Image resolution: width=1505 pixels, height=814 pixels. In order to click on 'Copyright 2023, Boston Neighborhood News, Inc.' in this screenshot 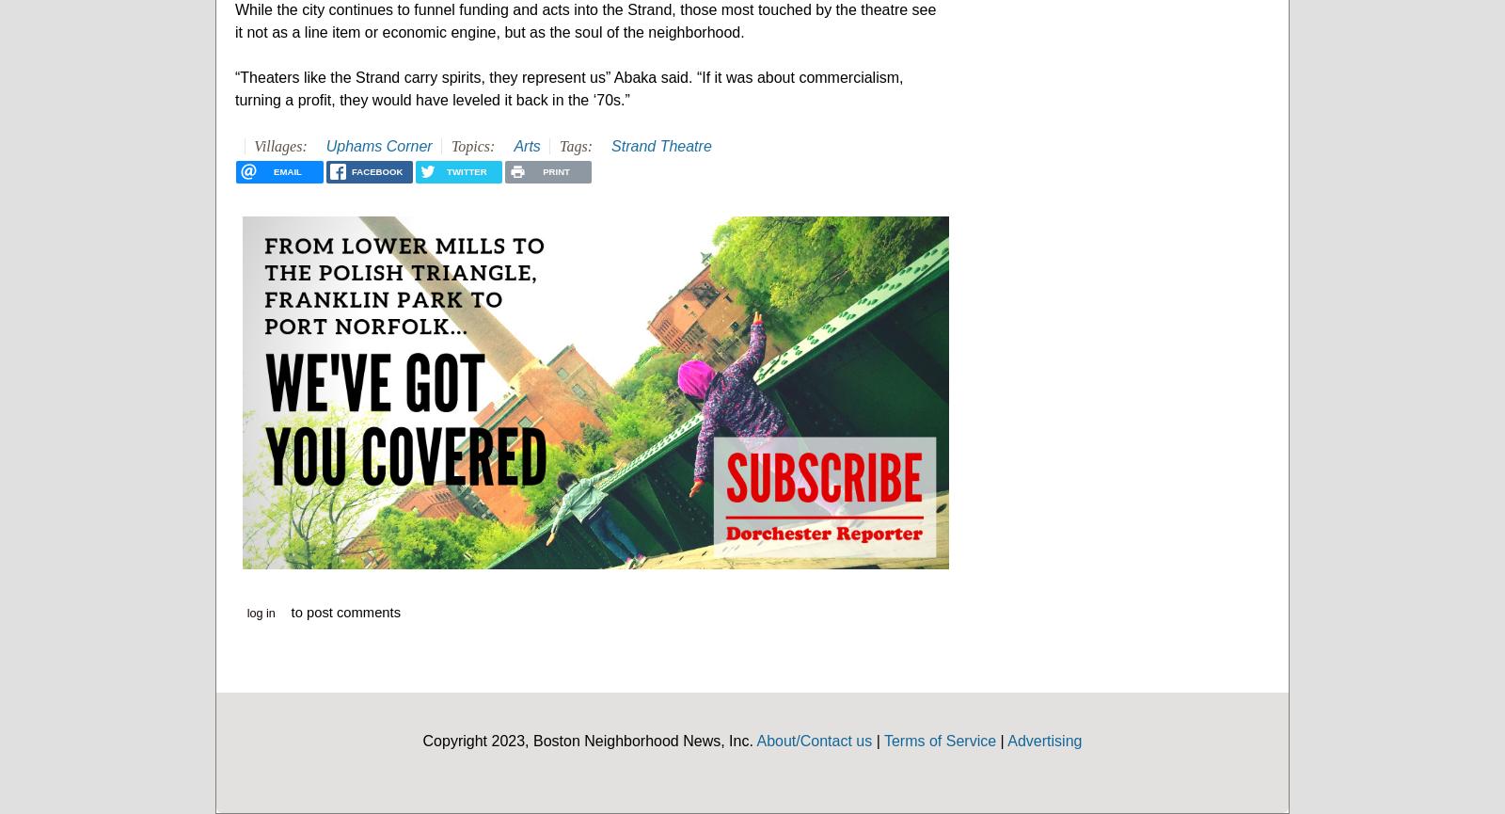, I will do `click(589, 739)`.